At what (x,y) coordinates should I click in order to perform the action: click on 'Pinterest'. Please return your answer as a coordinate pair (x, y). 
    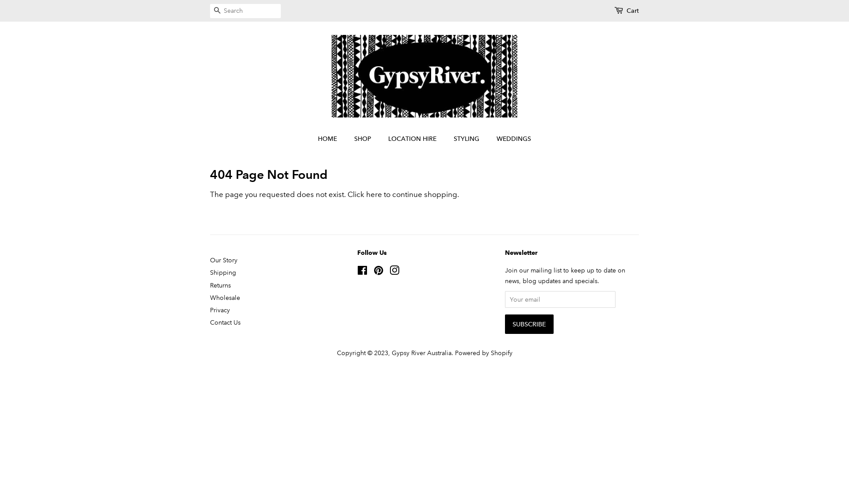
    Looking at the image, I should click on (378, 272).